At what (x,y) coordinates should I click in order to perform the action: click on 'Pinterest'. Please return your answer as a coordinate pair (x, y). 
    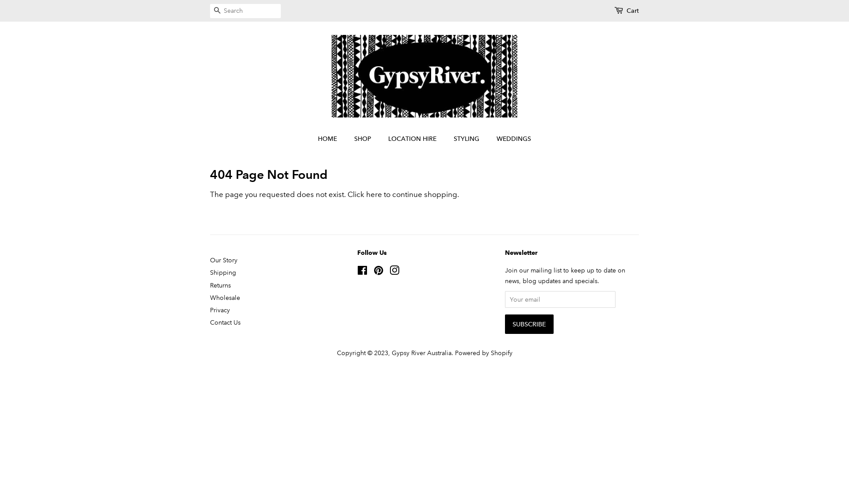
    Looking at the image, I should click on (378, 272).